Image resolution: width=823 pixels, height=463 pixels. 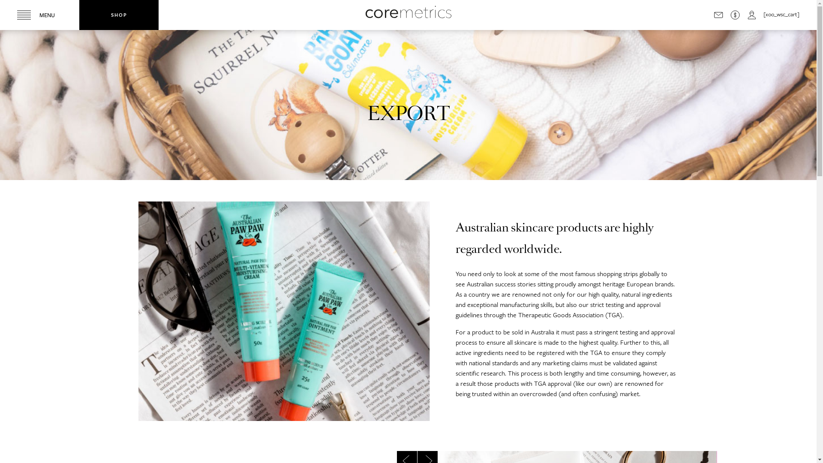 I want to click on 'SHOP', so click(x=79, y=15).